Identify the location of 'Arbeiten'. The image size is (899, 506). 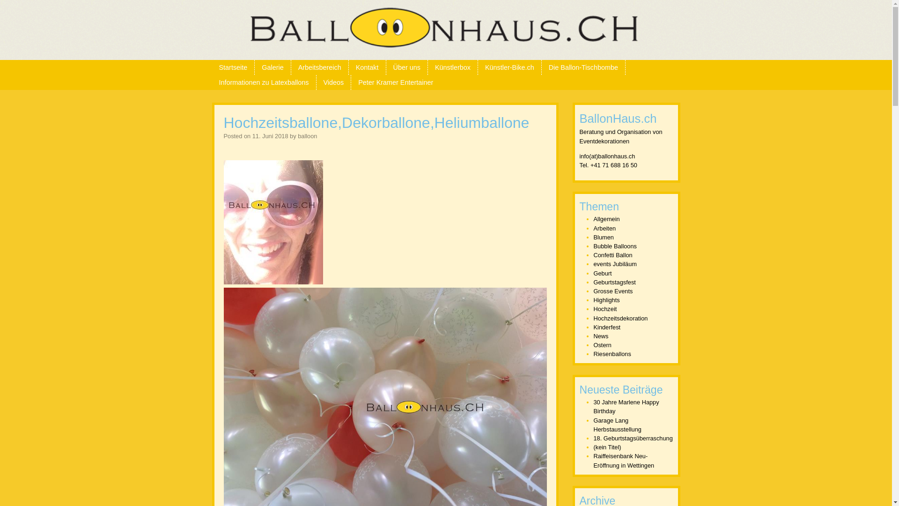
(604, 228).